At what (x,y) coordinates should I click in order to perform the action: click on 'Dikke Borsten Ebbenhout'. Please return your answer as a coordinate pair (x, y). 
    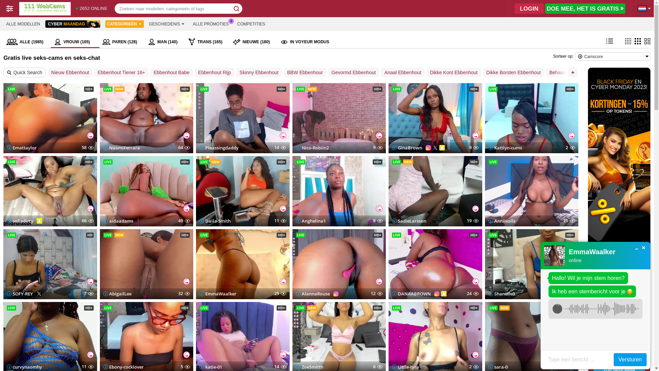
    Looking at the image, I should click on (513, 72).